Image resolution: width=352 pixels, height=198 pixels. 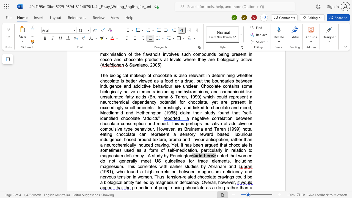 I want to click on the space between the continuous character "p" and "s" in the text, so click(x=199, y=123).